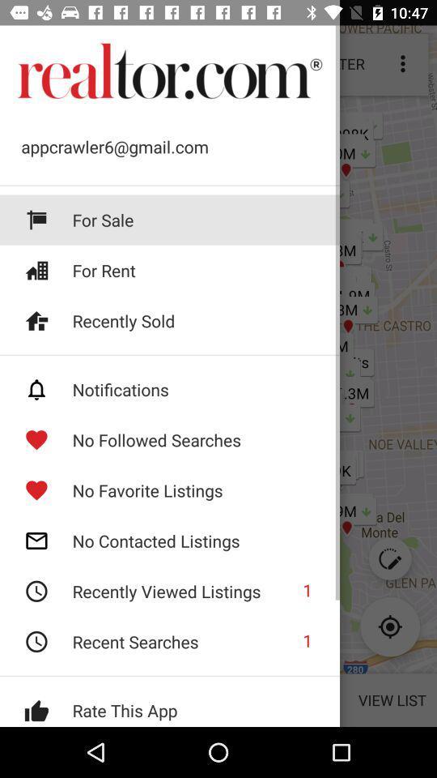 This screenshot has height=778, width=437. Describe the element at coordinates (169, 389) in the screenshot. I see `no tagging` at that location.